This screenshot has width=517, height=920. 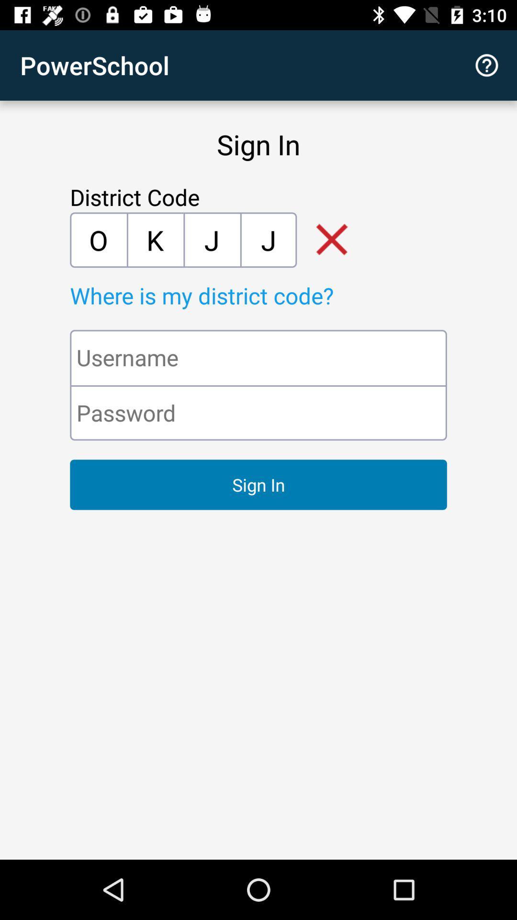 What do you see at coordinates (258, 357) in the screenshot?
I see `the text field username` at bounding box center [258, 357].